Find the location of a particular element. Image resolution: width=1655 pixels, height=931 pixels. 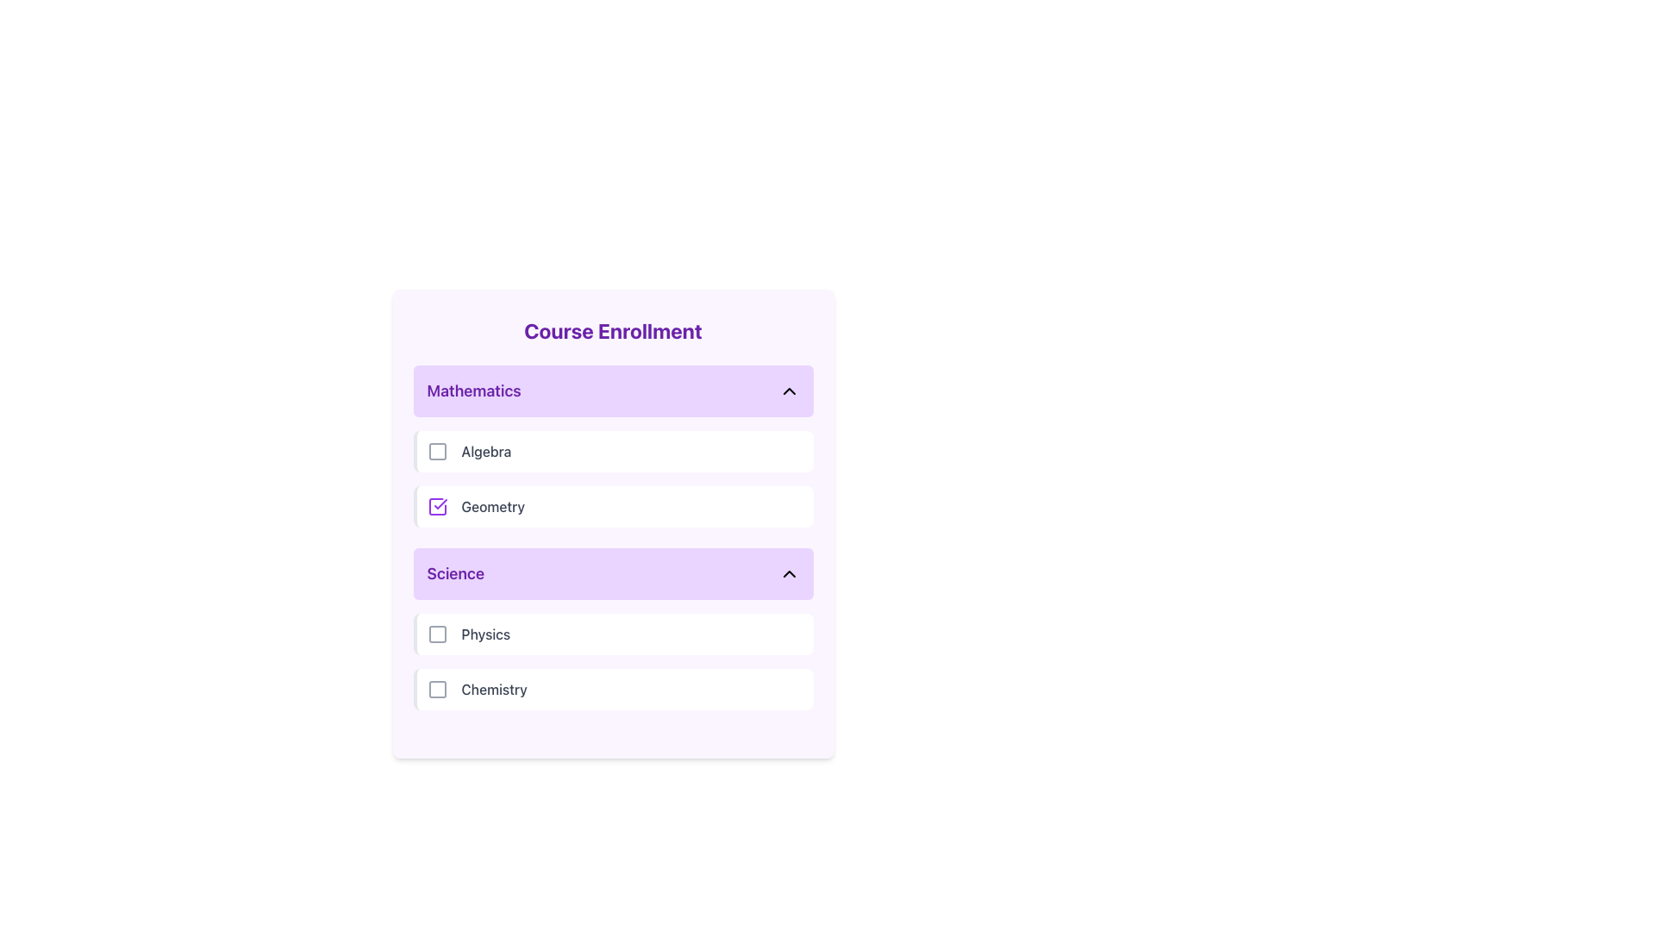

the selectable list item labeled 'Geometry' which has a checkbox and is styled with a white background and a purple edge, located under the 'Mathematics' section is located at coordinates (613, 505).